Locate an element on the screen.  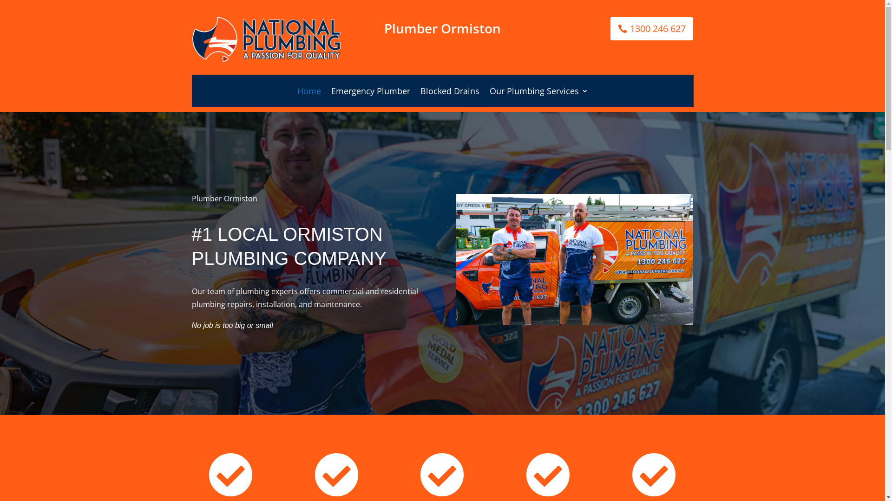
'Our Plumbing Services' is located at coordinates (489, 93).